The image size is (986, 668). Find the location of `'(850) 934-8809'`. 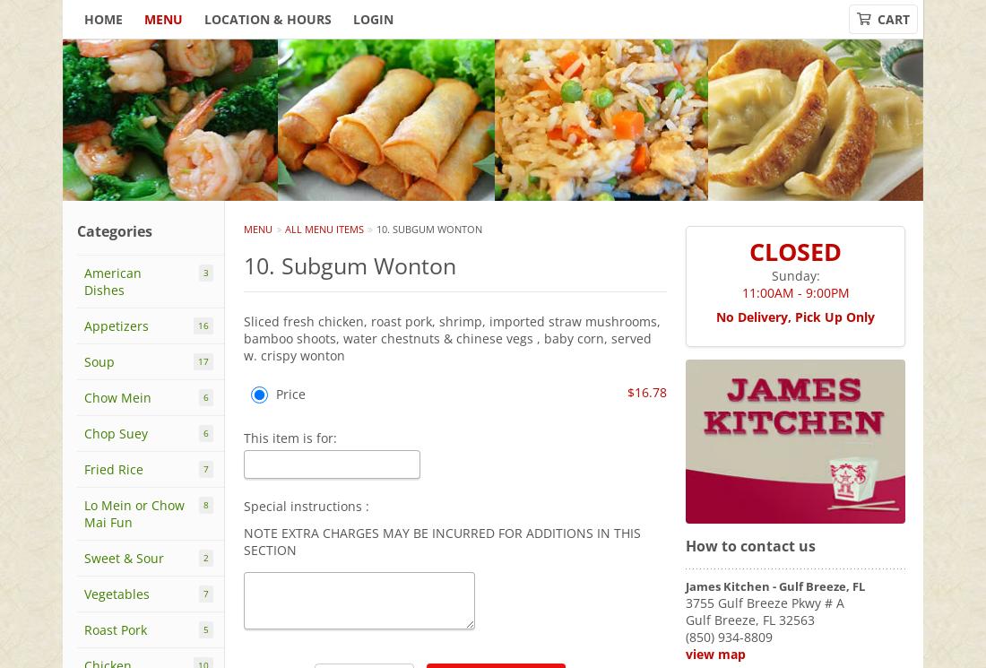

'(850) 934-8809' is located at coordinates (729, 636).